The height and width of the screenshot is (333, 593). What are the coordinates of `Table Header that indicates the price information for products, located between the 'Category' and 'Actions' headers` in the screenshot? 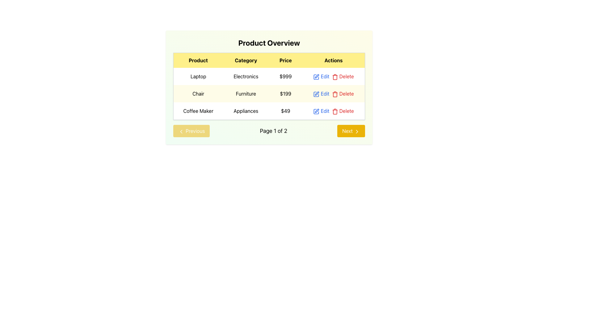 It's located at (285, 60).